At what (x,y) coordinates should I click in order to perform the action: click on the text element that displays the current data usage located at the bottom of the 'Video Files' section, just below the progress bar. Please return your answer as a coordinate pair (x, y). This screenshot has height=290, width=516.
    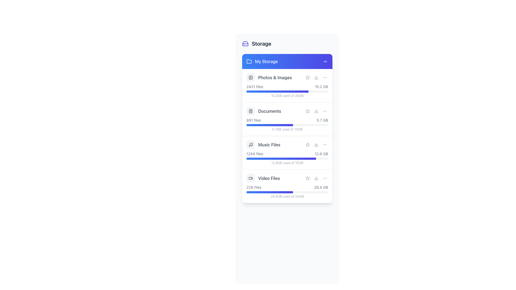
    Looking at the image, I should click on (287, 197).